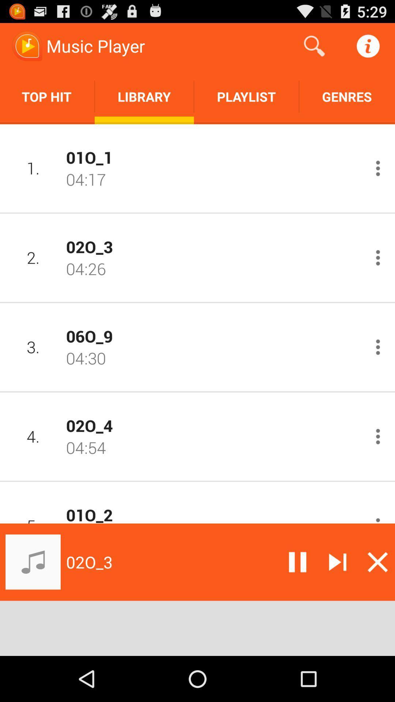  What do you see at coordinates (213, 336) in the screenshot?
I see `item below the 04:26` at bounding box center [213, 336].